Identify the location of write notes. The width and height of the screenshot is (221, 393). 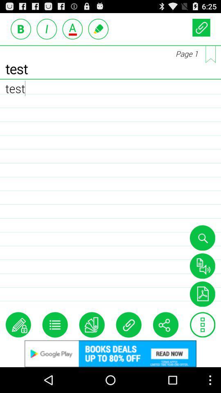
(18, 325).